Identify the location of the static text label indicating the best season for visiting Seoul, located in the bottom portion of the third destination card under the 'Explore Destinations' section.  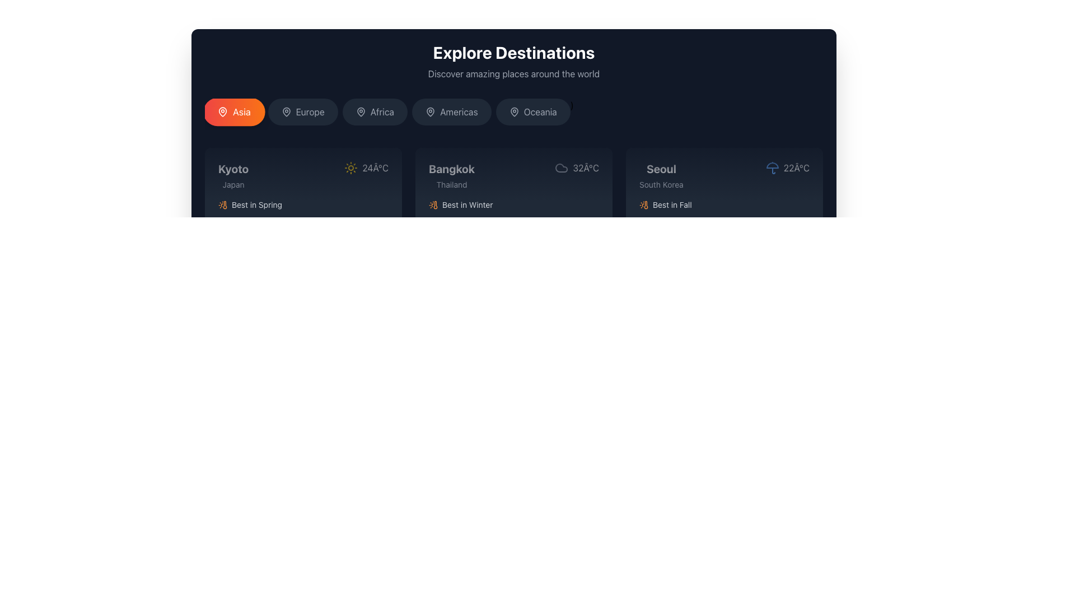
(672, 205).